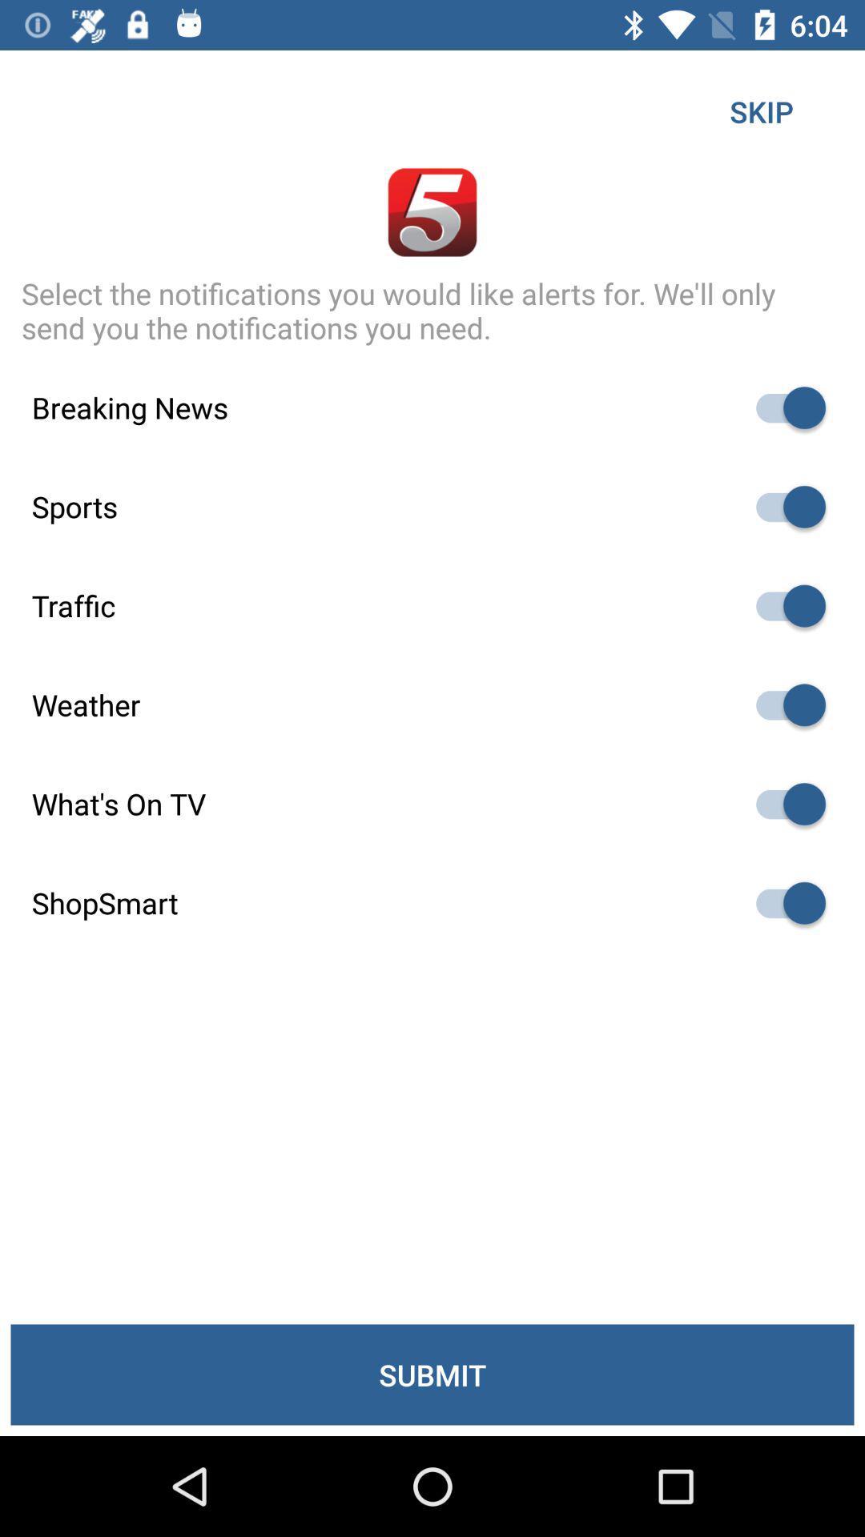 Image resolution: width=865 pixels, height=1537 pixels. What do you see at coordinates (783, 804) in the screenshot?
I see `press option 5 down` at bounding box center [783, 804].